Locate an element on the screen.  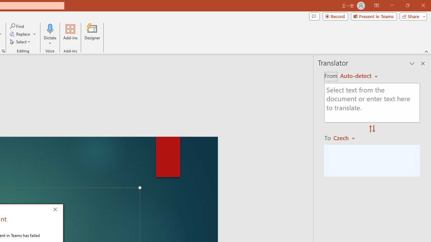
'Auto-detect' is located at coordinates (359, 76).